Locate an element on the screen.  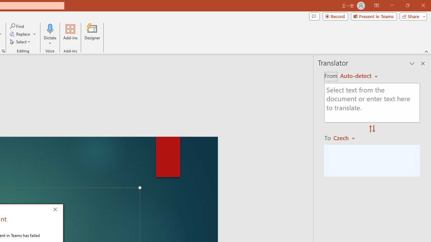
'Auto-detect' is located at coordinates (359, 76).